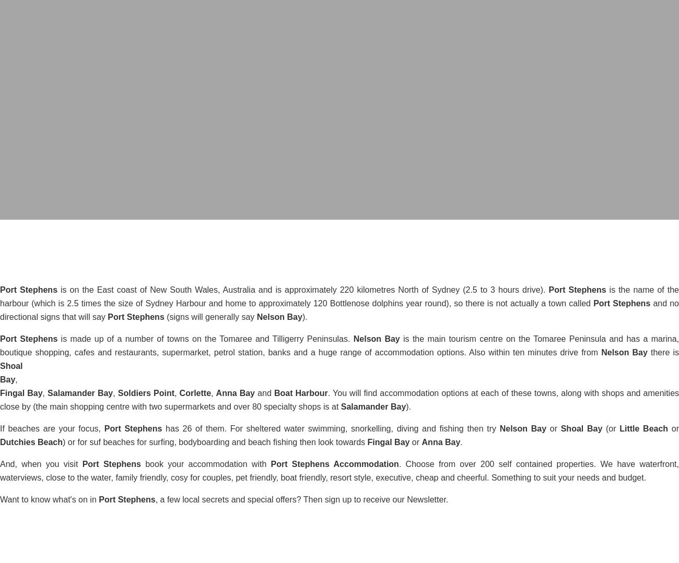  Describe the element at coordinates (339, 234) in the screenshot. I see `'pets'` at that location.